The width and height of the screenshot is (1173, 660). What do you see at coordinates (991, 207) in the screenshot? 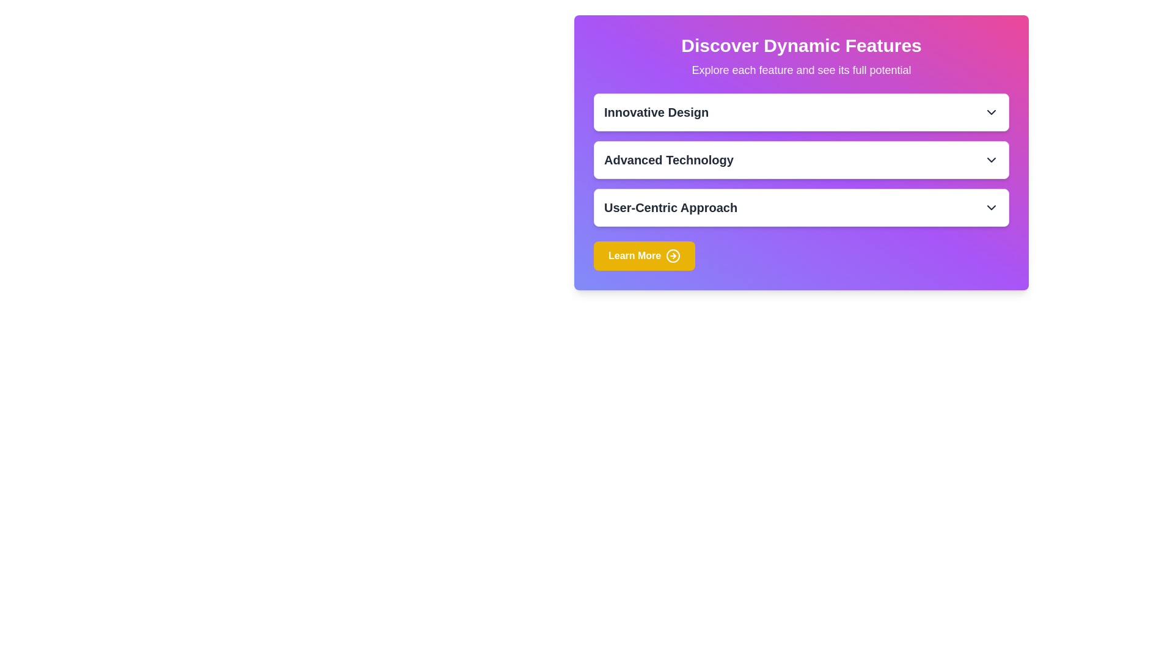
I see `the chevron down icon indicating dropdown functionality within the 'User-Centric Approach' dropdown component` at bounding box center [991, 207].